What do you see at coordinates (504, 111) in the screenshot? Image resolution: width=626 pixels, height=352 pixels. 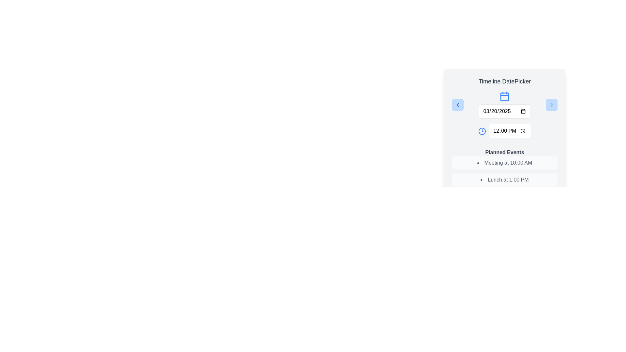 I see `the rectangular date input field that has a placeholder value of '03/20/2025'` at bounding box center [504, 111].